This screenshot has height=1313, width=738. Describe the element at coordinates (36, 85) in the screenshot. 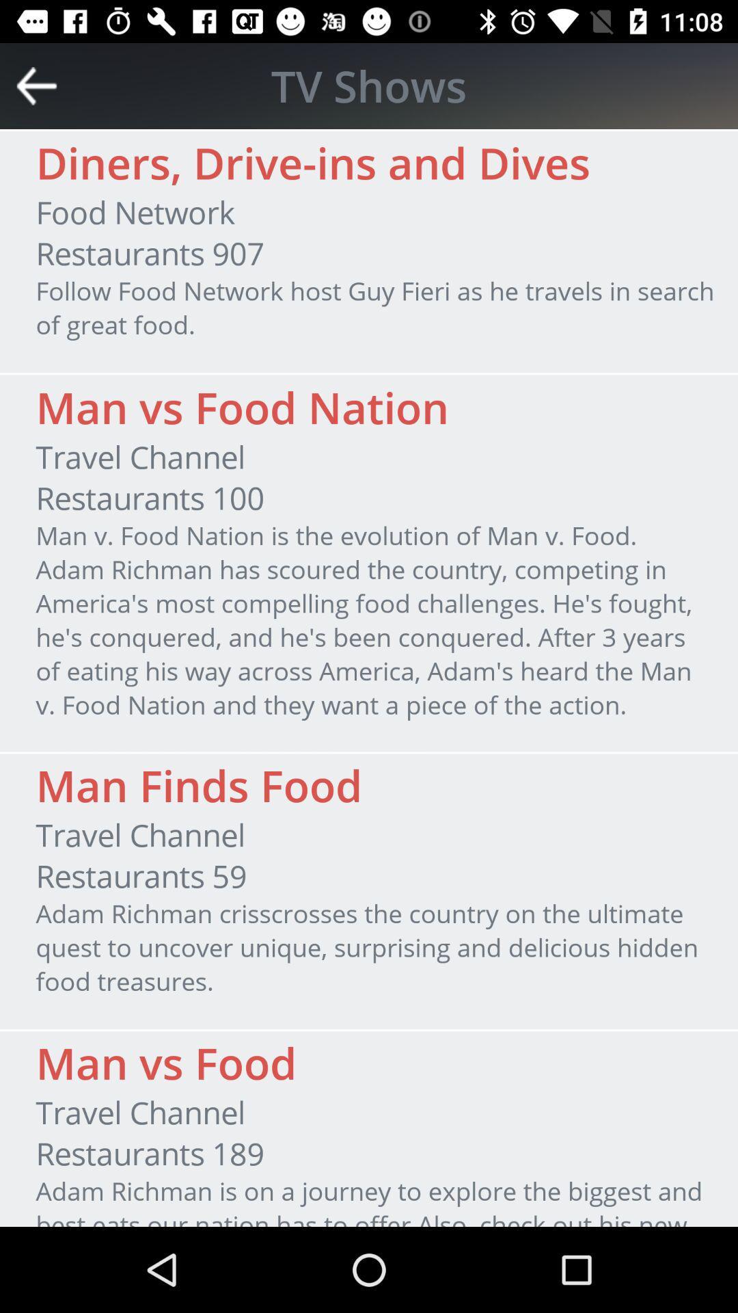

I see `item above the diners drive ins icon` at that location.